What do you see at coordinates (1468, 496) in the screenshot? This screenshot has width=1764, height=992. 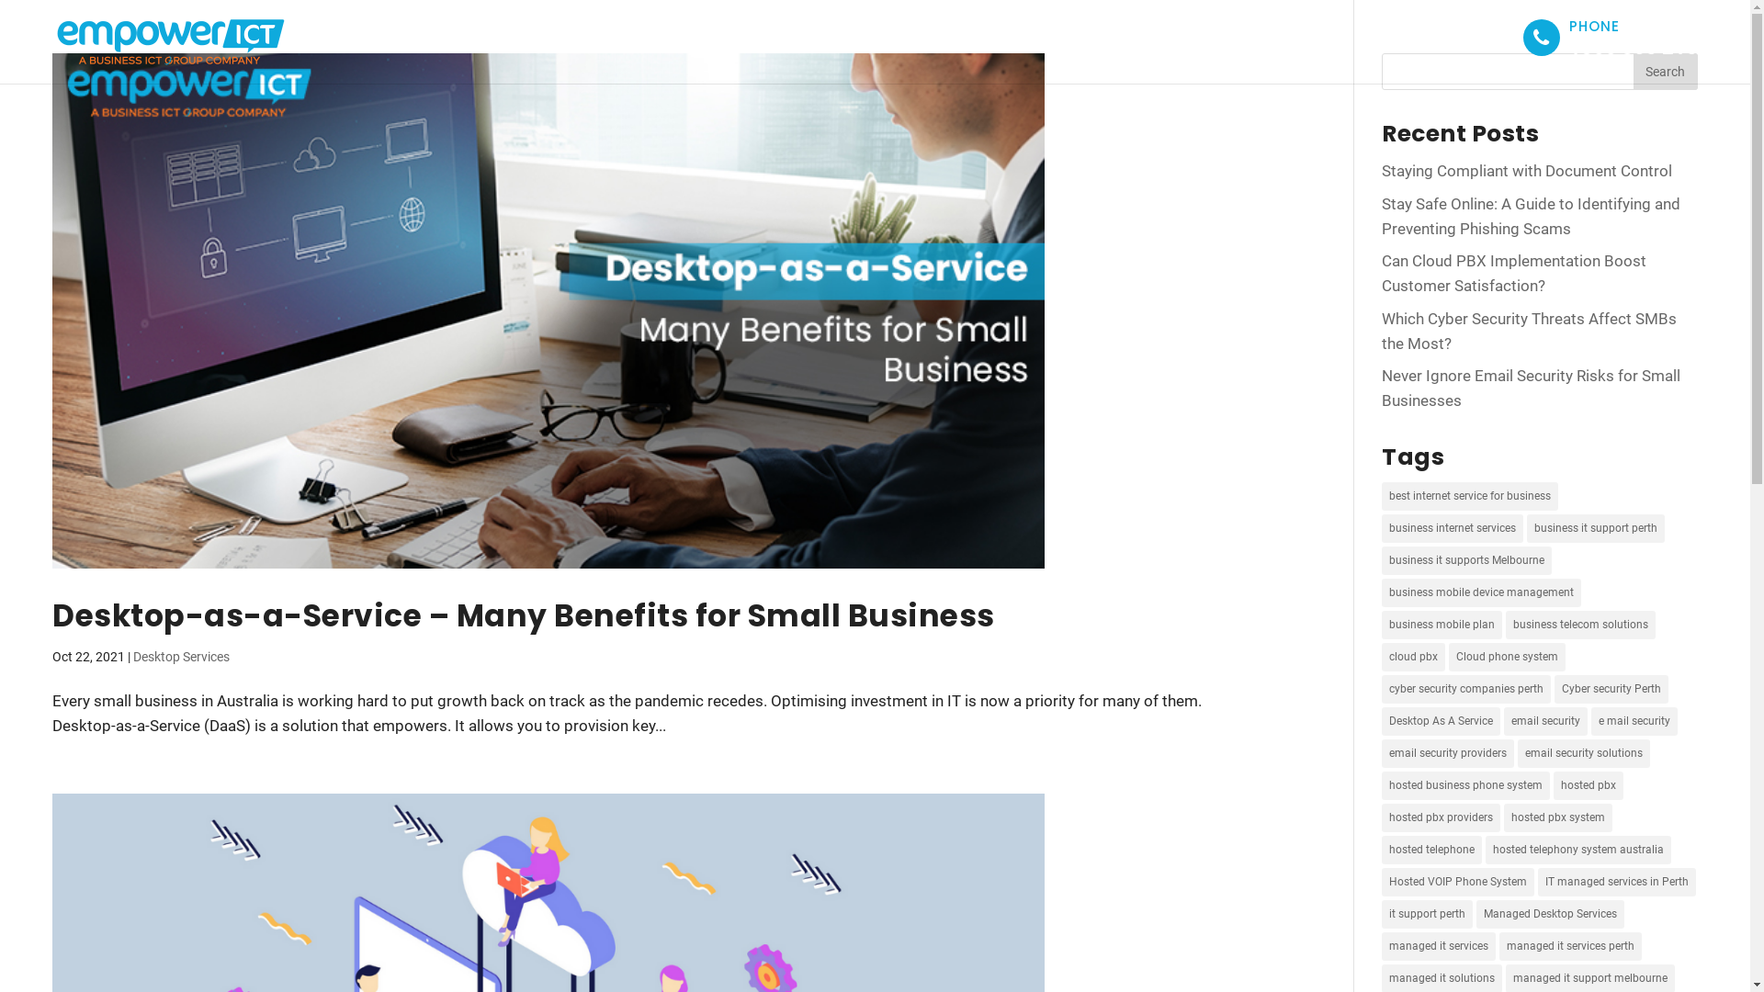 I see `'best internet service for business'` at bounding box center [1468, 496].